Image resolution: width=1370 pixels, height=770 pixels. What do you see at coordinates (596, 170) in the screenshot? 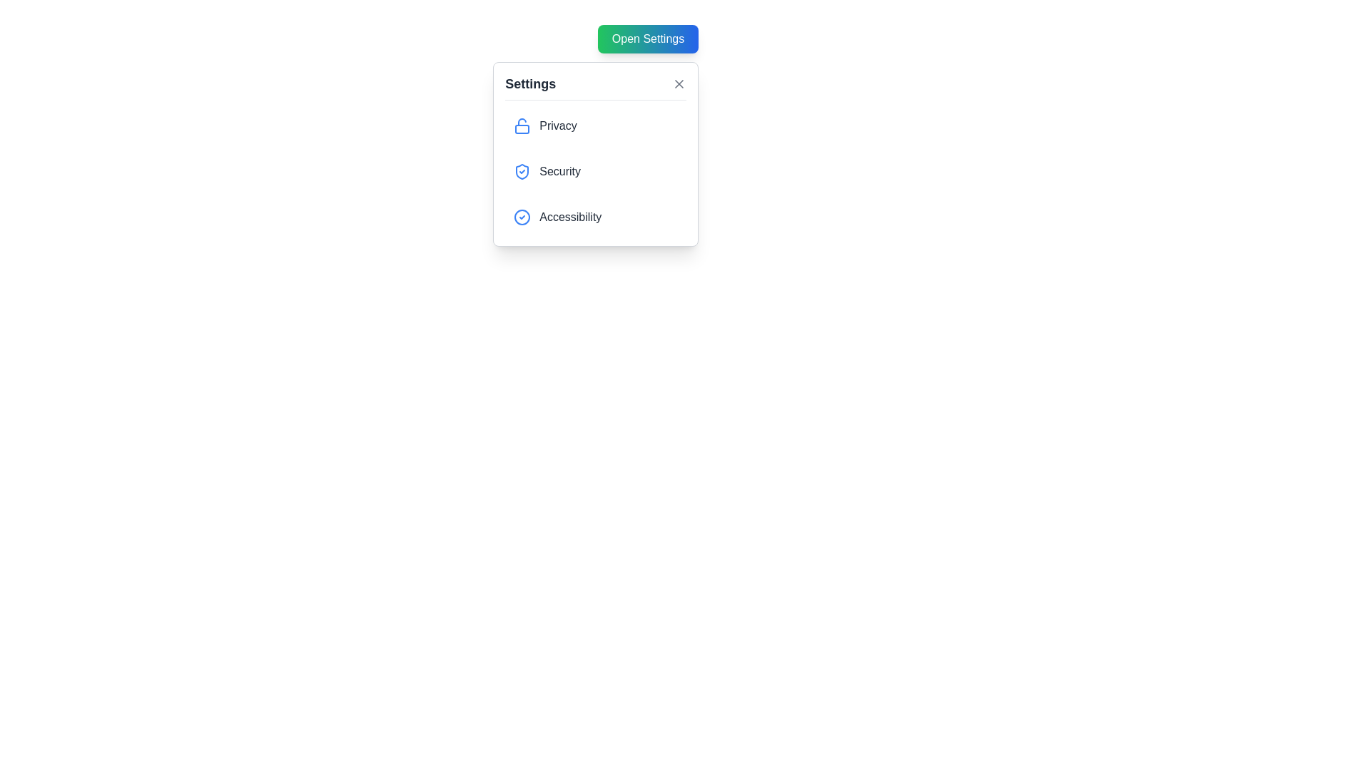
I see `the 'Security' menu option, which is the second item in the settings menu` at bounding box center [596, 170].